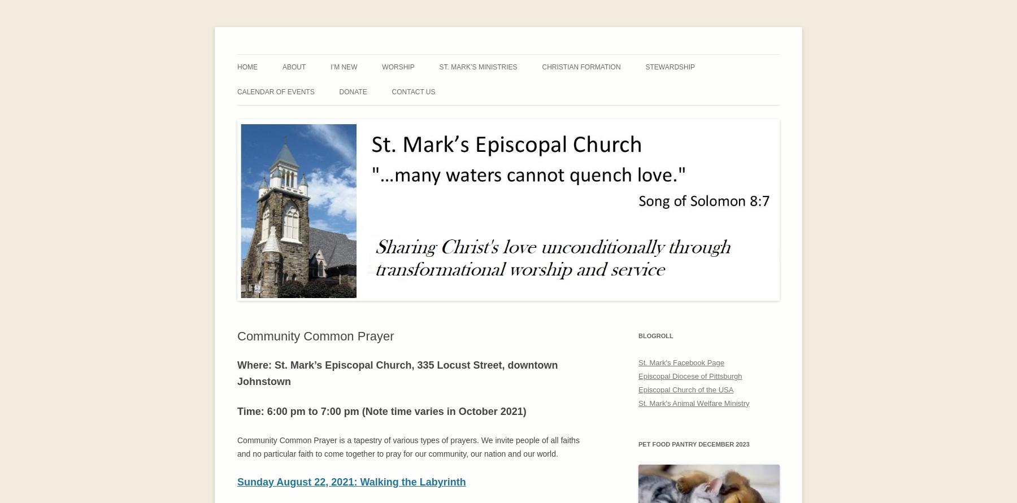 This screenshot has width=1017, height=503. I want to click on 'Community Common Prayer is a tapestry of various types of prayers. We invite people of all faiths and no particular faith to come together to pray for our community, our nation and our world.', so click(237, 447).